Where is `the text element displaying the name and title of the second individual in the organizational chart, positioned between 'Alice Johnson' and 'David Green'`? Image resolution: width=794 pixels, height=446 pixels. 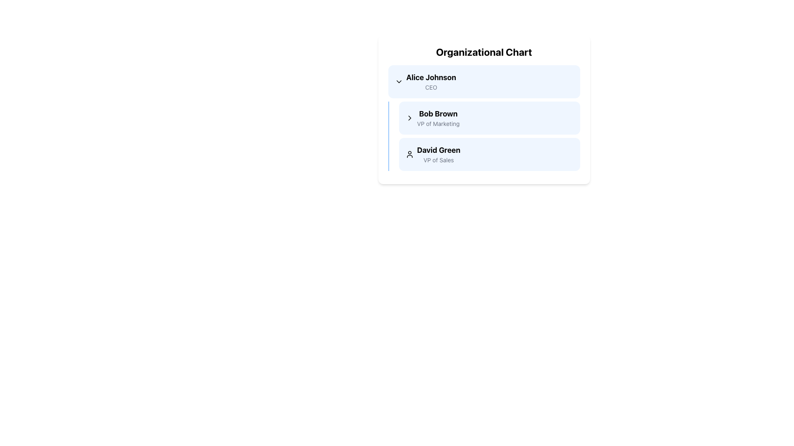 the text element displaying the name and title of the second individual in the organizational chart, positioned between 'Alice Johnson' and 'David Green' is located at coordinates (438, 118).